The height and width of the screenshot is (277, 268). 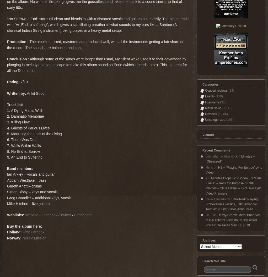 I want to click on '(166)', so click(x=229, y=119).